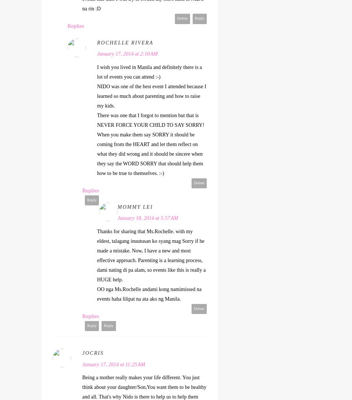 The width and height of the screenshot is (352, 400). Describe the element at coordinates (97, 96) in the screenshot. I see `'NIDO was one of the best event I attended because I learned so much about parenting and how to raise my kids.'` at that location.